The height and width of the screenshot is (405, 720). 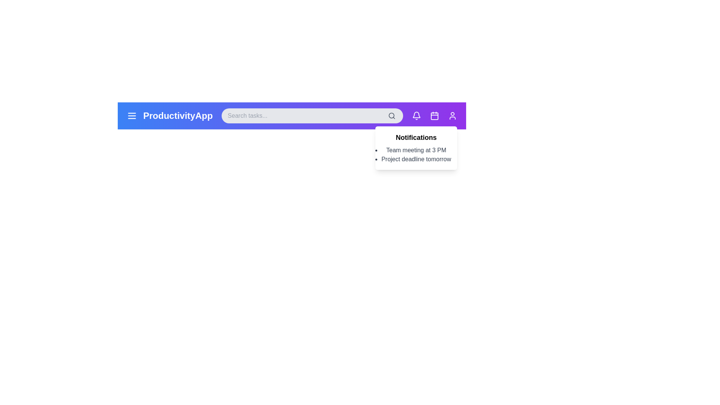 I want to click on the calendar icon to open calendar-related features, so click(x=434, y=115).